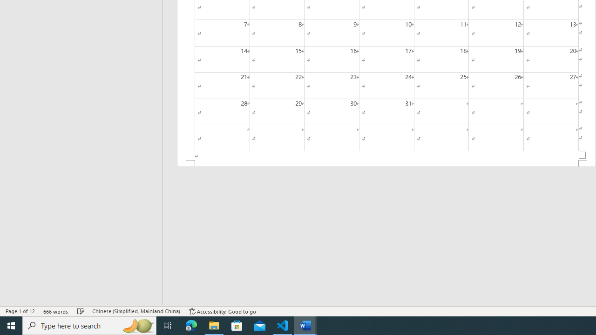  Describe the element at coordinates (386, 163) in the screenshot. I see `'Footer -Section 1-'` at that location.